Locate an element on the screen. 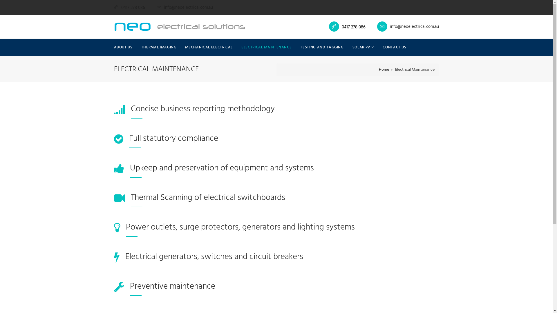 This screenshot has height=313, width=557. 'TESTING AND TAGGING' is located at coordinates (321, 47).